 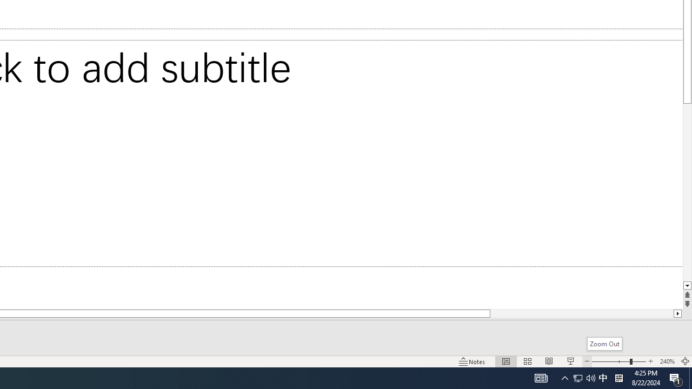 What do you see at coordinates (667, 361) in the screenshot?
I see `'Zoom 240%'` at bounding box center [667, 361].